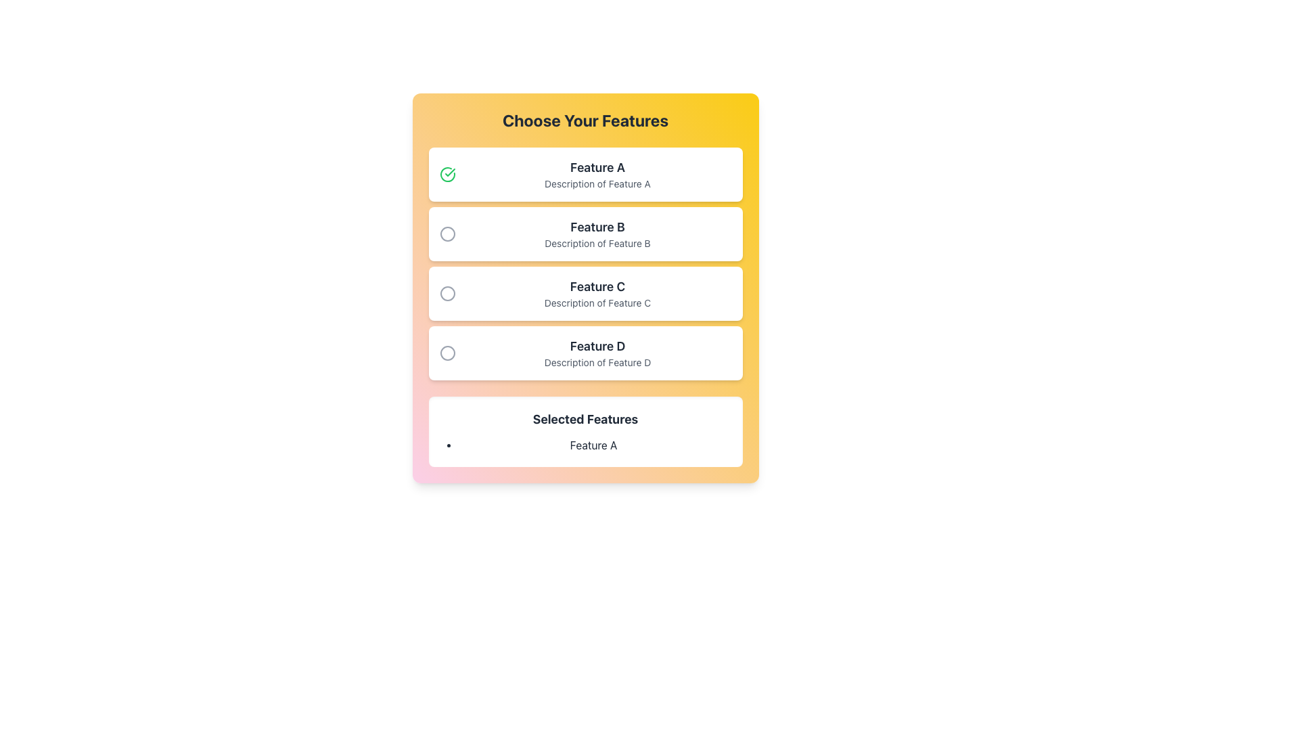 Image resolution: width=1299 pixels, height=731 pixels. I want to click on the text element displaying 'Description of Feature B', which is located directly below the label 'Feature B' in the 'Choose Your Features' list, so click(597, 242).